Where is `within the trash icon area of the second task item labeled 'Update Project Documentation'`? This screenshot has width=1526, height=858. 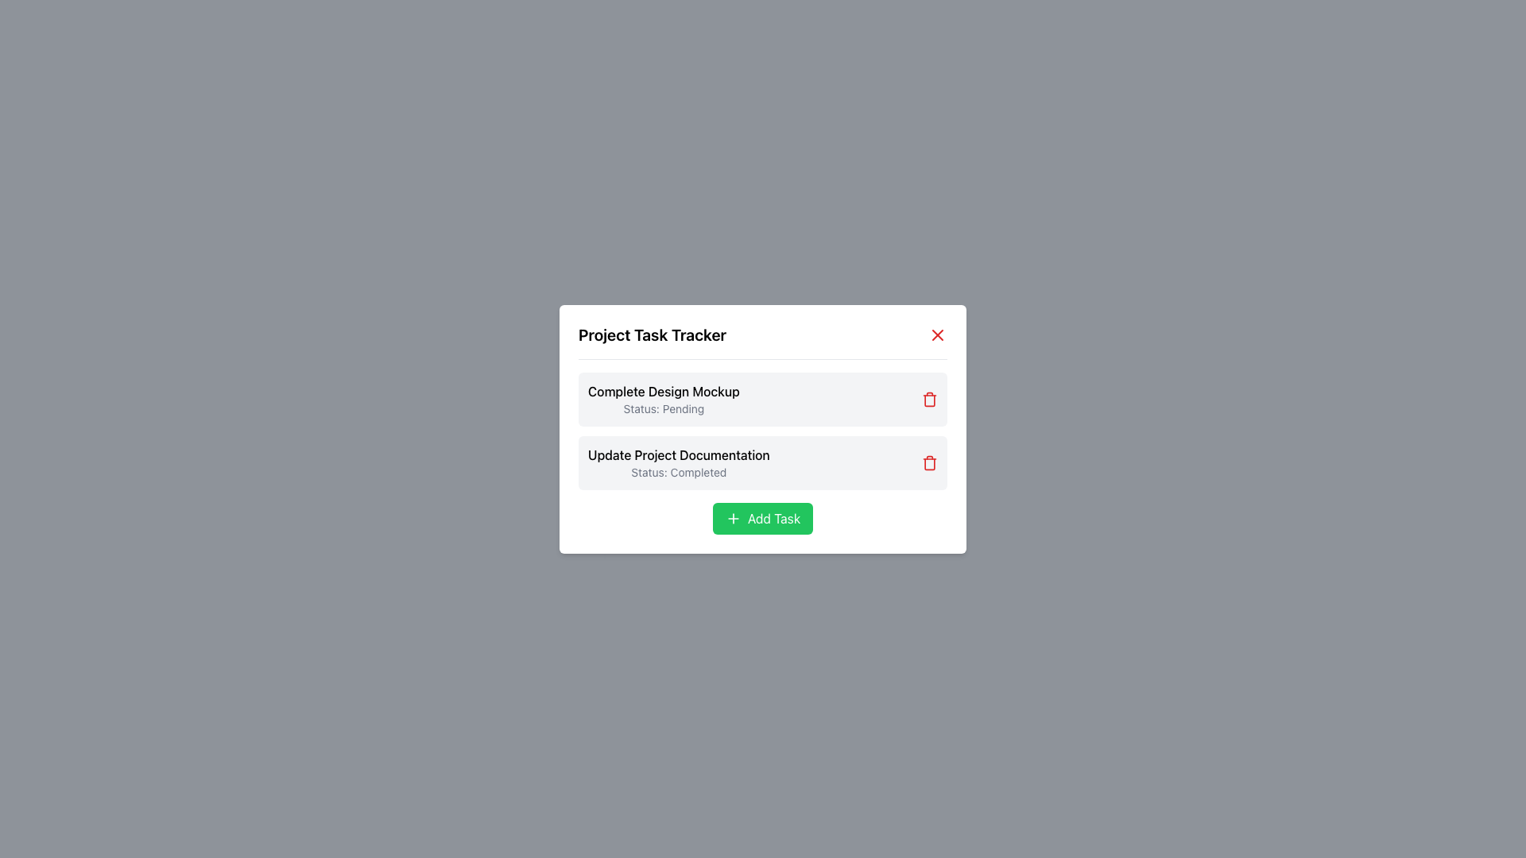 within the trash icon area of the second task item labeled 'Update Project Documentation' is located at coordinates (930, 463).